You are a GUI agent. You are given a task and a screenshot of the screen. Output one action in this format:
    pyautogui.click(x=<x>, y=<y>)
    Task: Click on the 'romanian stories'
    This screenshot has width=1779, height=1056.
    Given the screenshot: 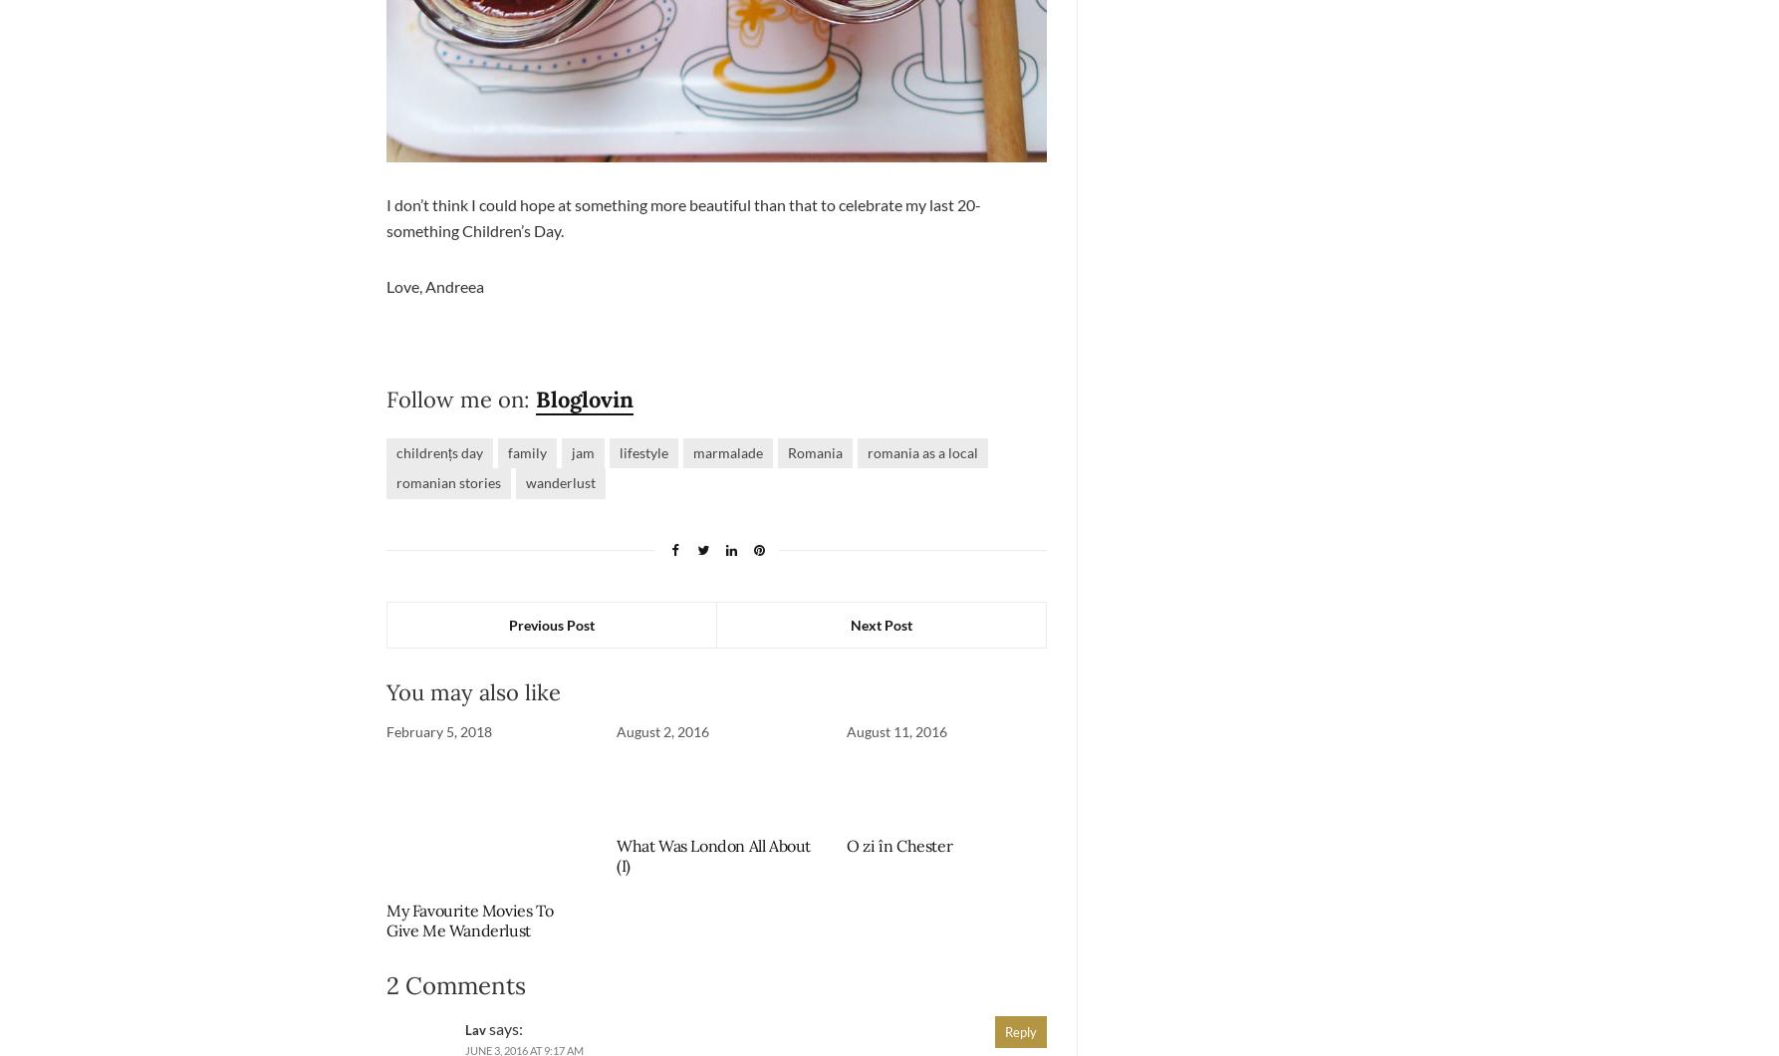 What is the action you would take?
    pyautogui.click(x=447, y=481)
    